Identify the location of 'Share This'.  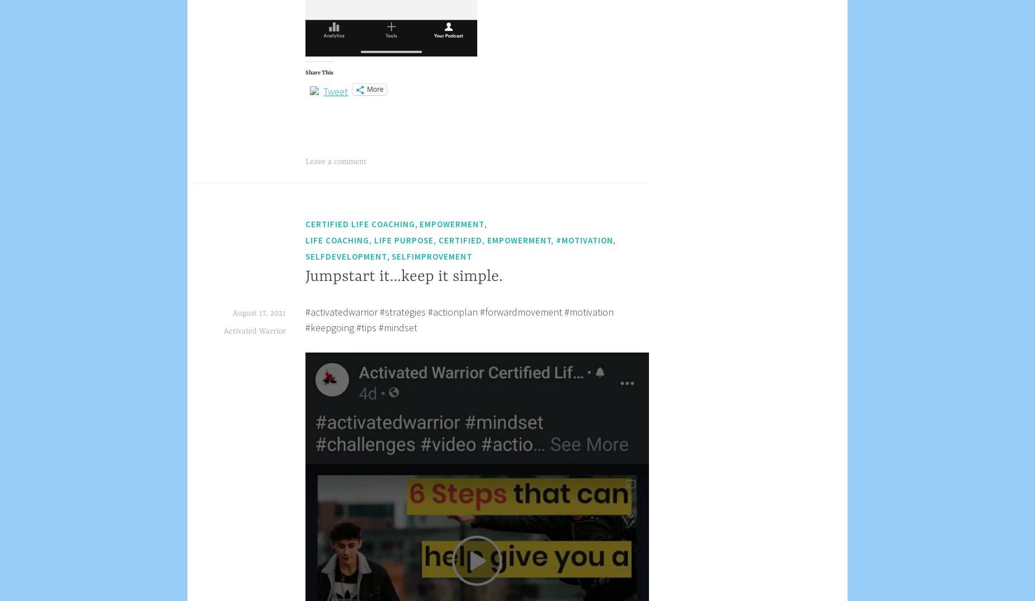
(319, 72).